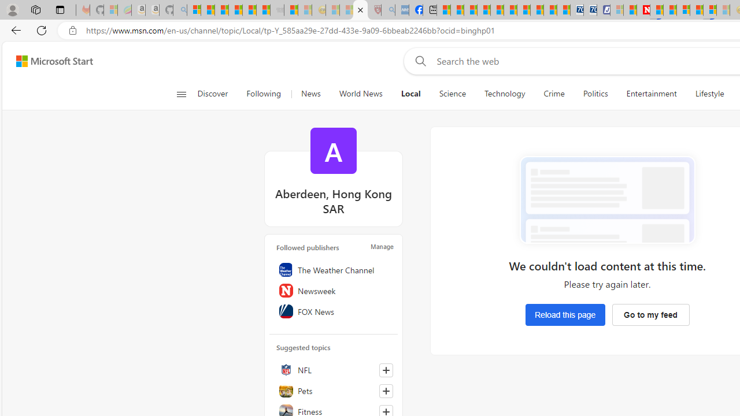 The height and width of the screenshot is (416, 740). Describe the element at coordinates (333, 310) in the screenshot. I see `'FOX News'` at that location.